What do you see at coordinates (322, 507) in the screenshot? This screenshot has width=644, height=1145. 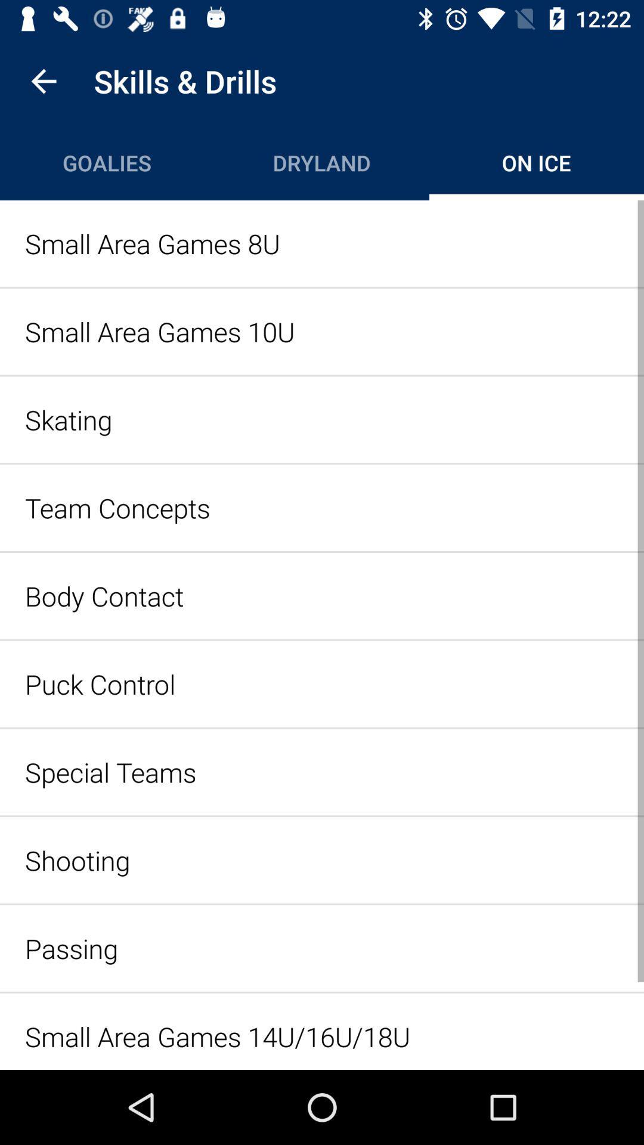 I see `the item below the skating icon` at bounding box center [322, 507].